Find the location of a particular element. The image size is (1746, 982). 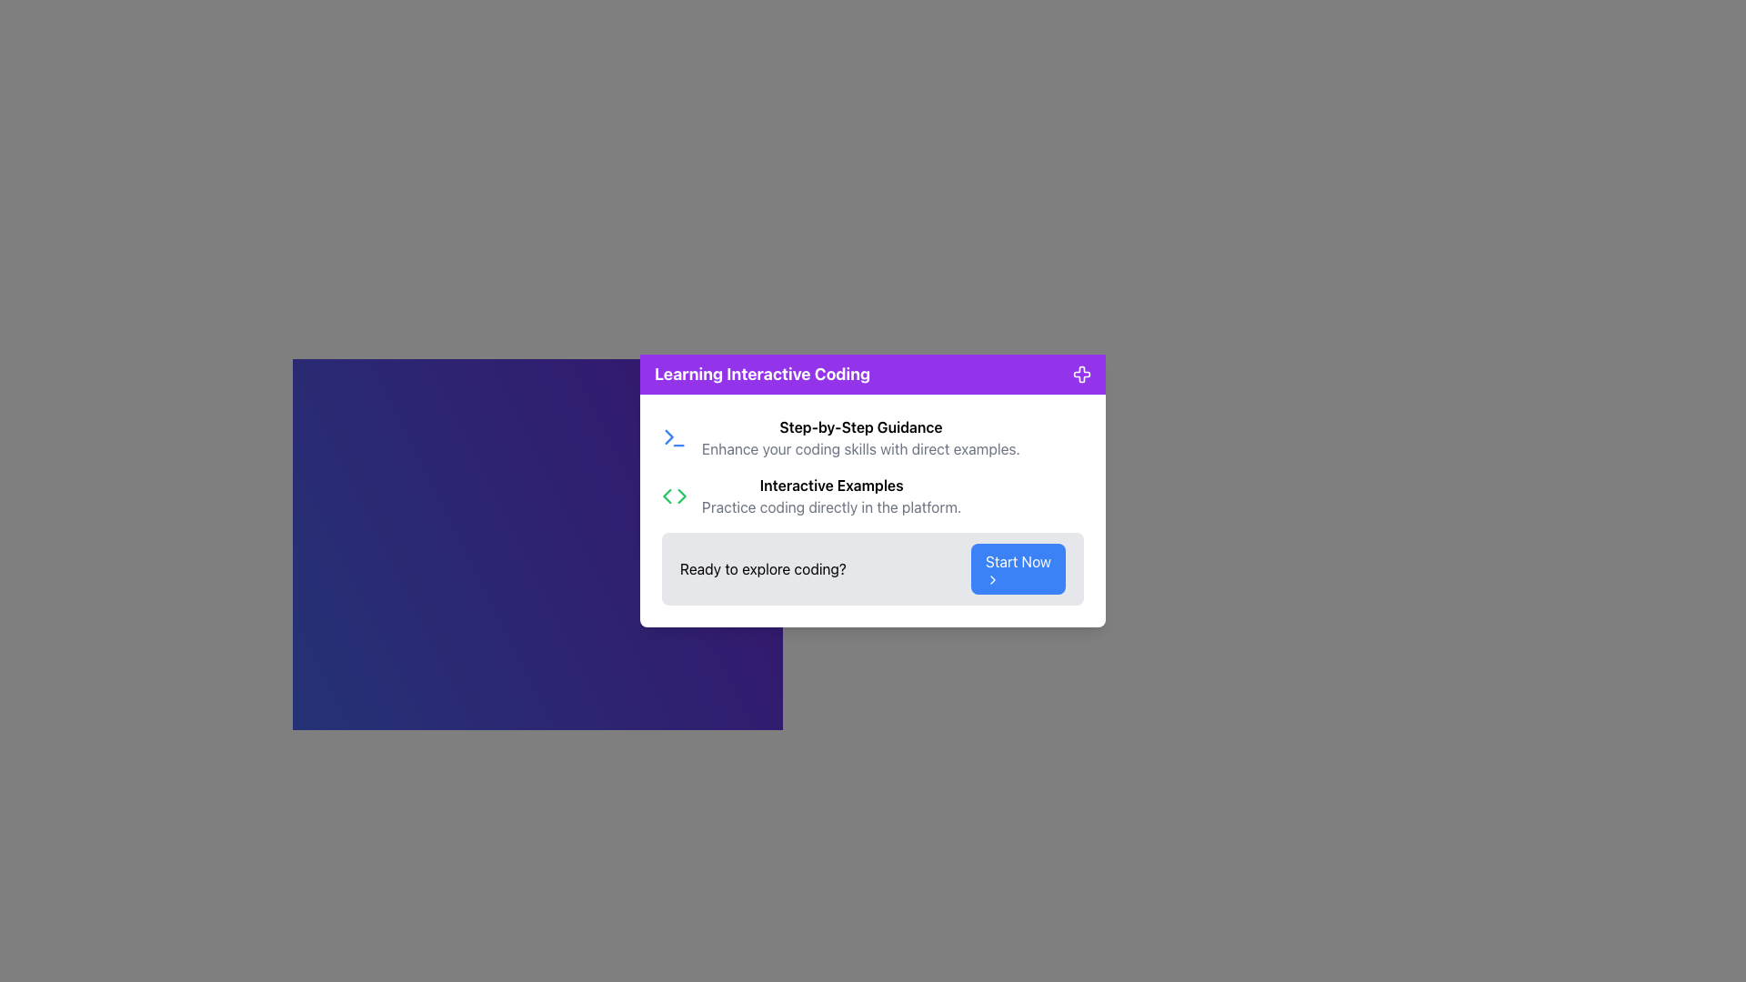

potential links or buttons within the informational text block about interactive coding examples, positioned below the 'Step-by-Step Guidance' block is located at coordinates (873, 496).